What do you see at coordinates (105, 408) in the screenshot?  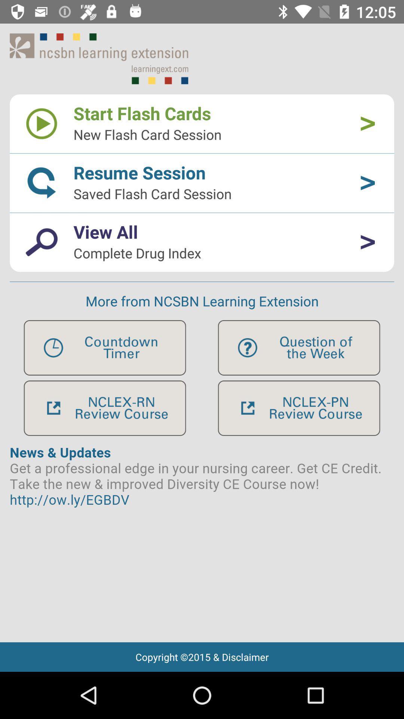 I see `review option` at bounding box center [105, 408].